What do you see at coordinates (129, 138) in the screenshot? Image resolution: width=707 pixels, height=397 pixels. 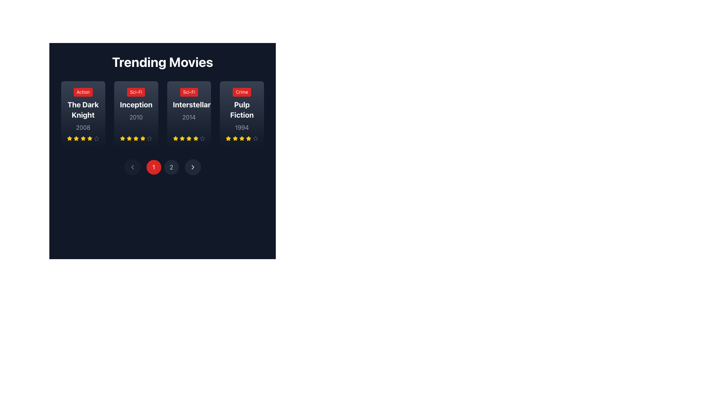 I see `the rating star icon located under the movie title 'Inception' in the second movie card of the 'Trending Movies' section for accessibility` at bounding box center [129, 138].